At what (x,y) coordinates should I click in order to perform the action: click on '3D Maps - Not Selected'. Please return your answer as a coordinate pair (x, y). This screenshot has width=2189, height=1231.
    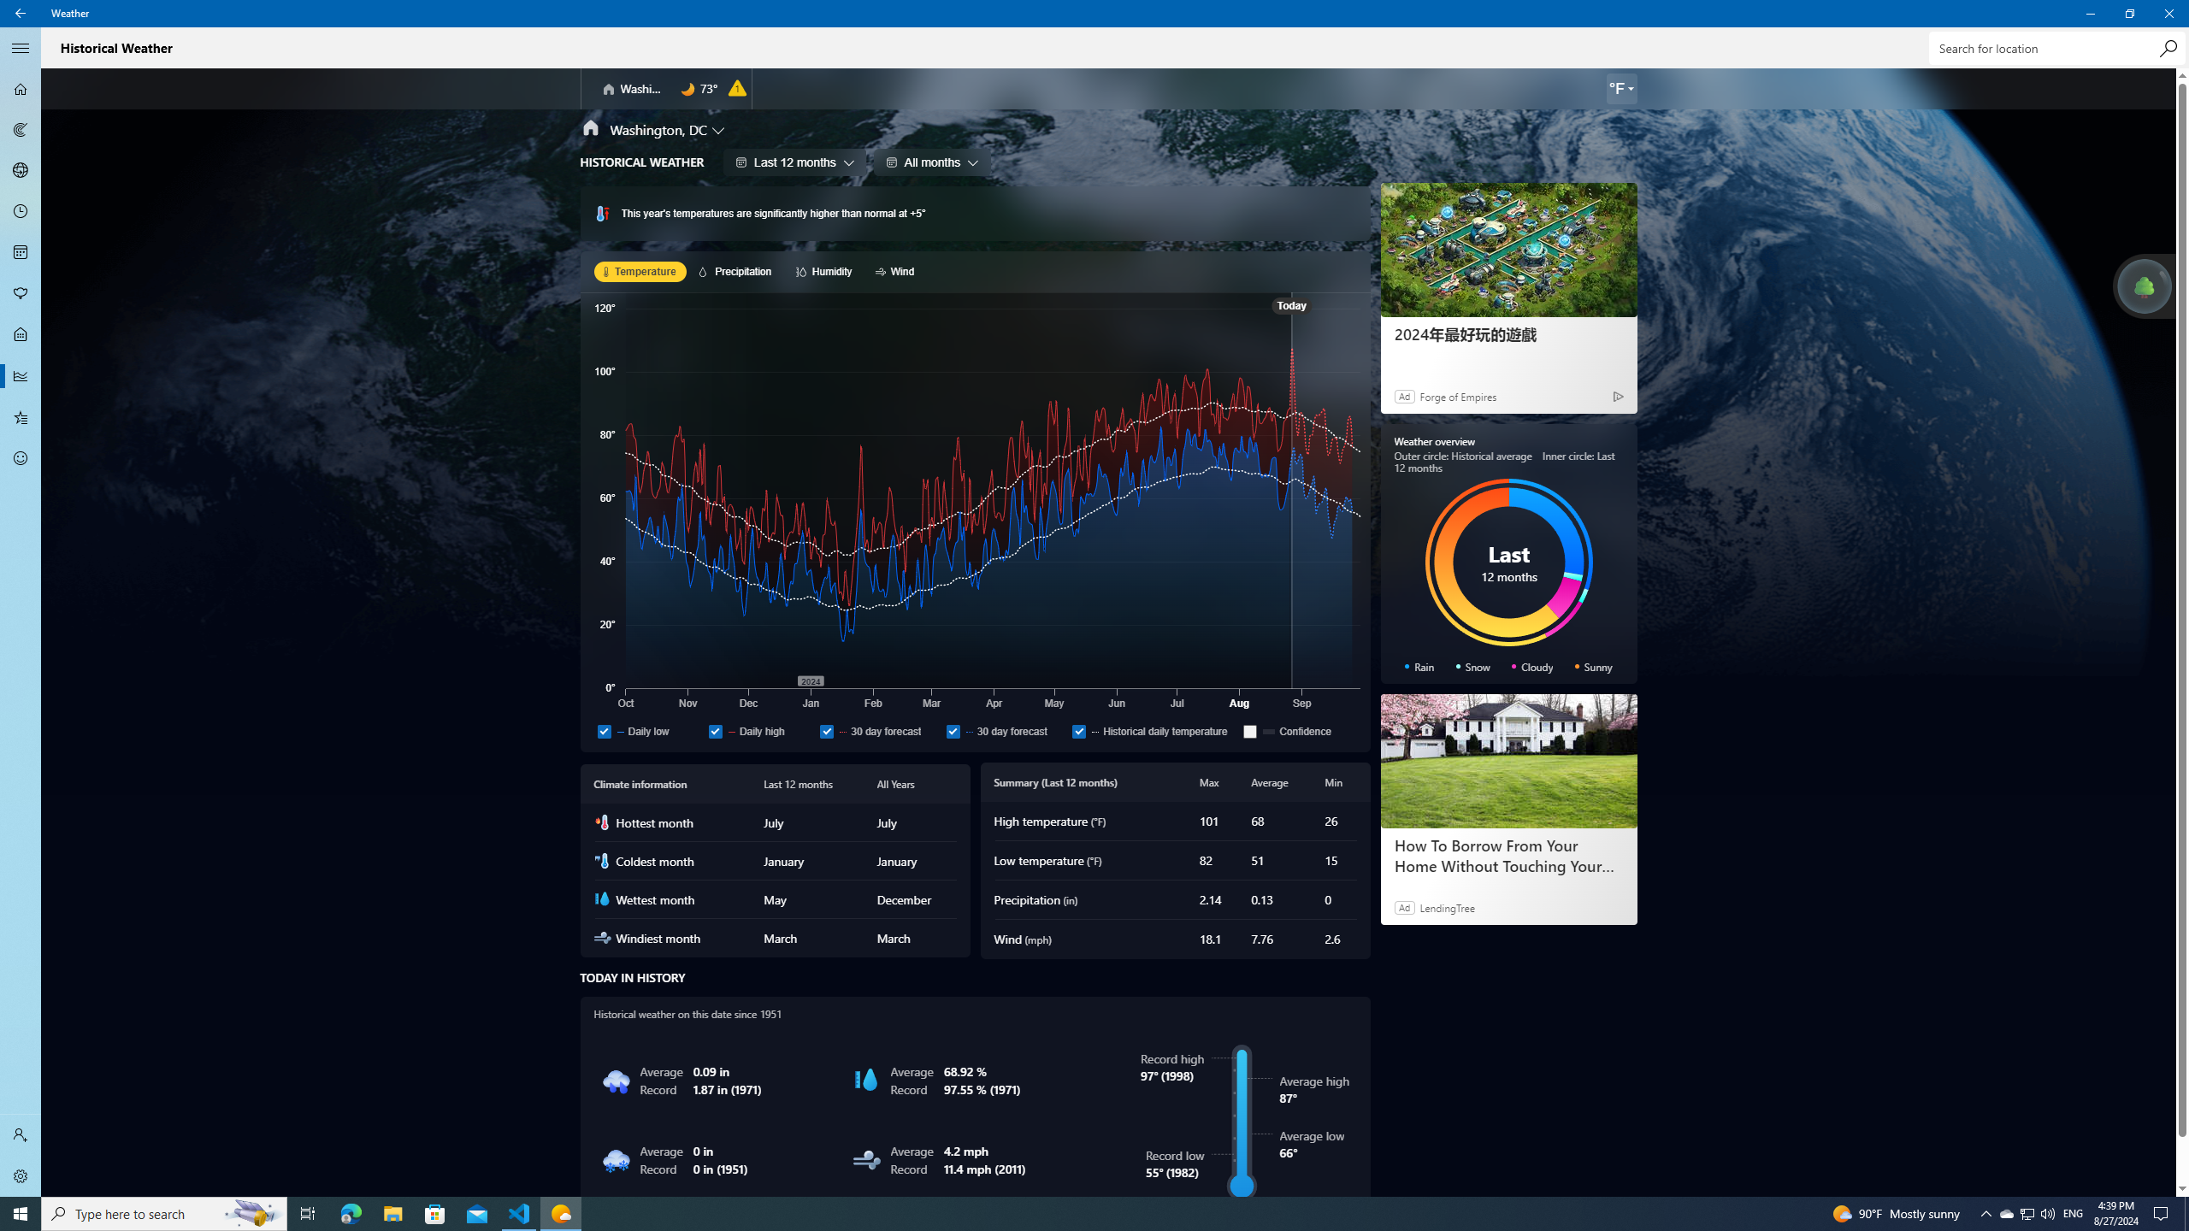
    Looking at the image, I should click on (21, 170).